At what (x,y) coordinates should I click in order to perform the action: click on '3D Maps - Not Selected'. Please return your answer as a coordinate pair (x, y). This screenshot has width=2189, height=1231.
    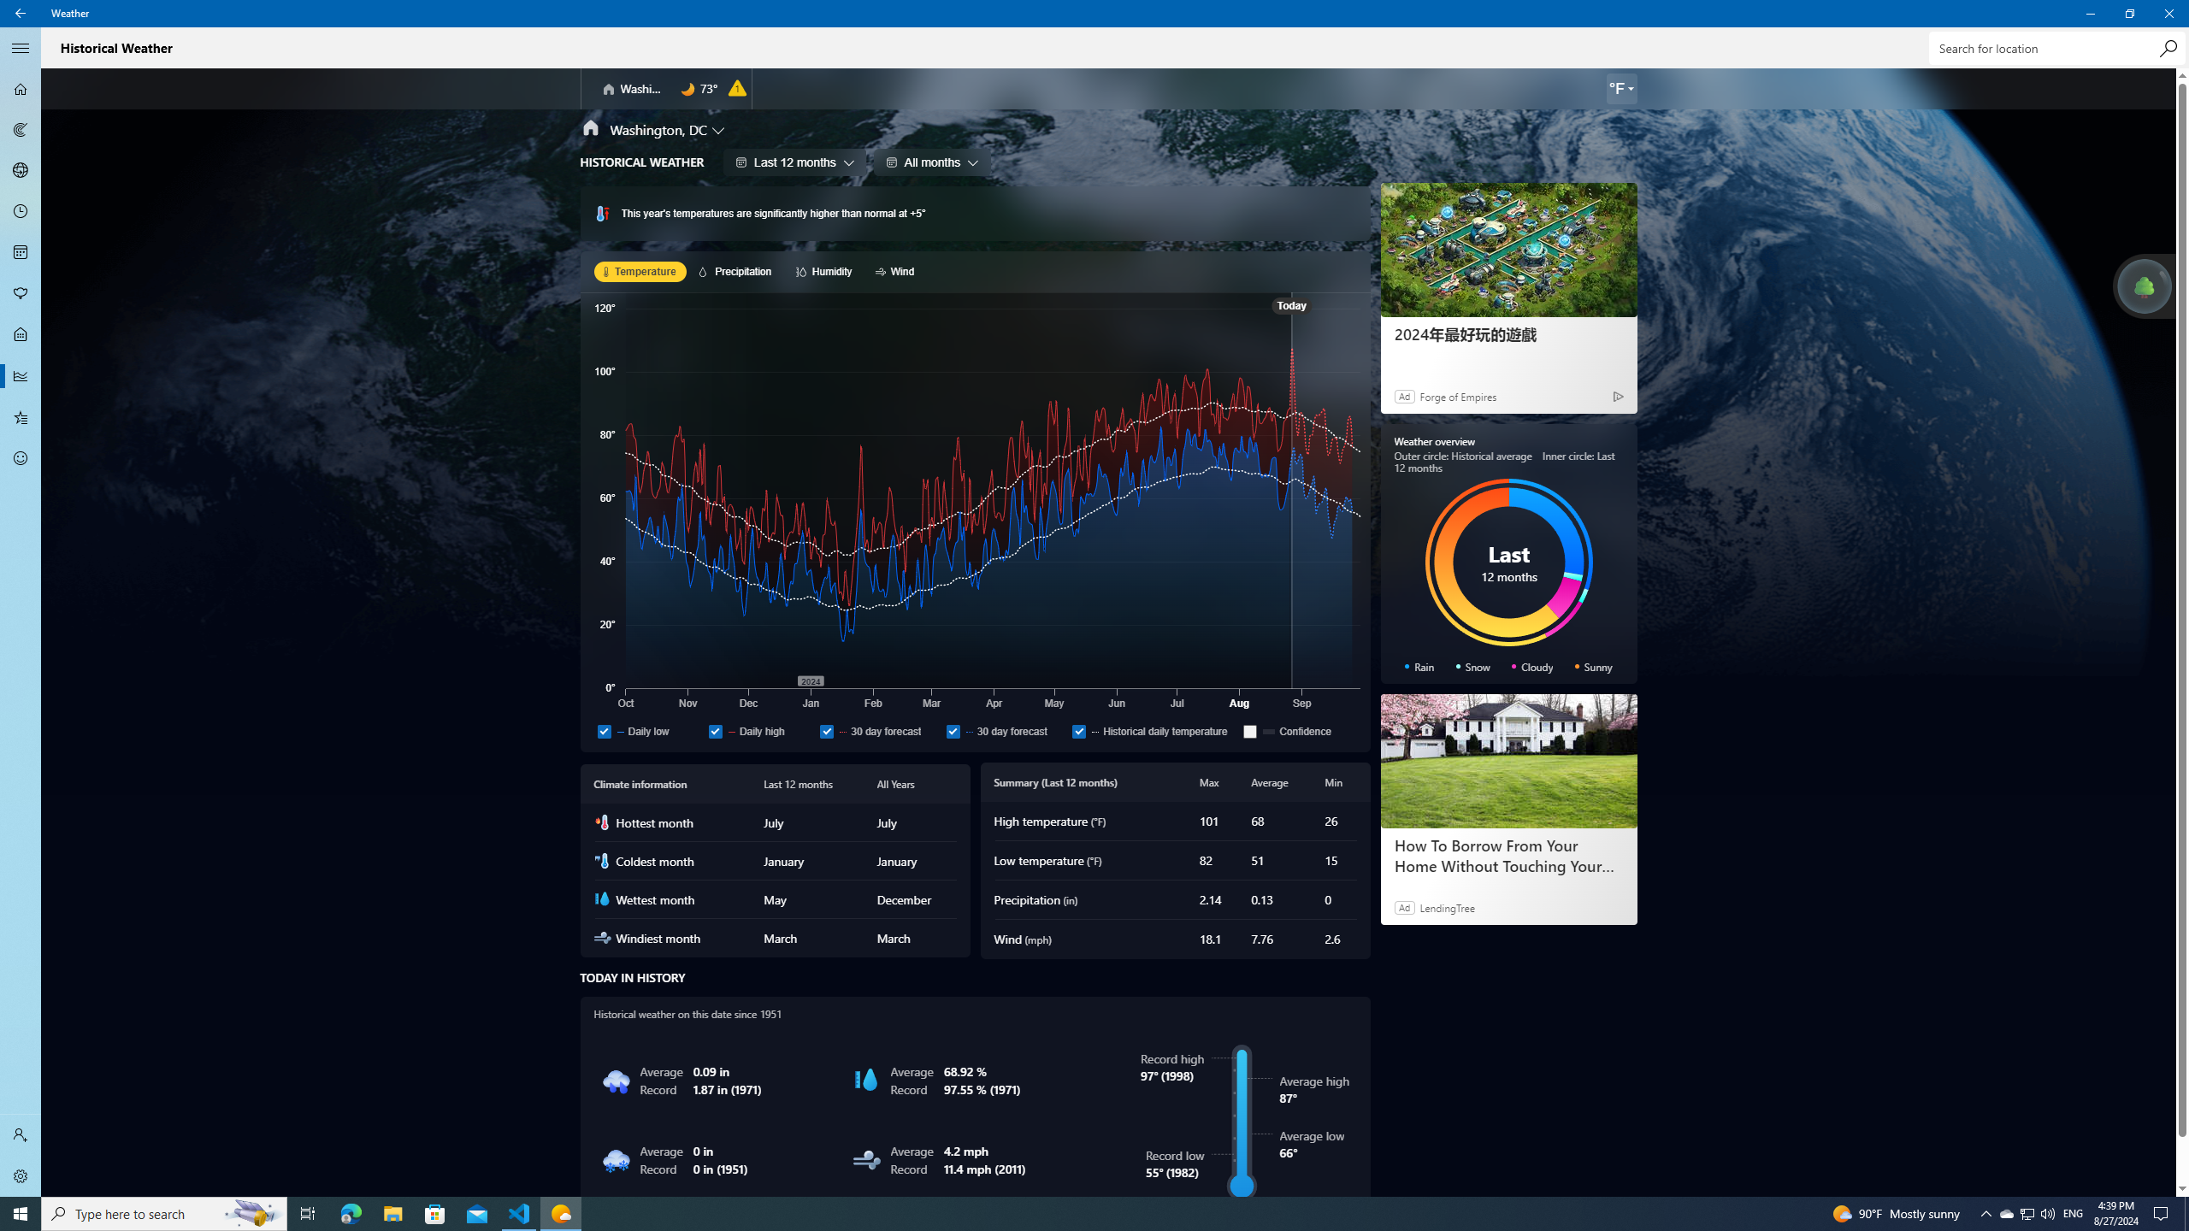
    Looking at the image, I should click on (21, 170).